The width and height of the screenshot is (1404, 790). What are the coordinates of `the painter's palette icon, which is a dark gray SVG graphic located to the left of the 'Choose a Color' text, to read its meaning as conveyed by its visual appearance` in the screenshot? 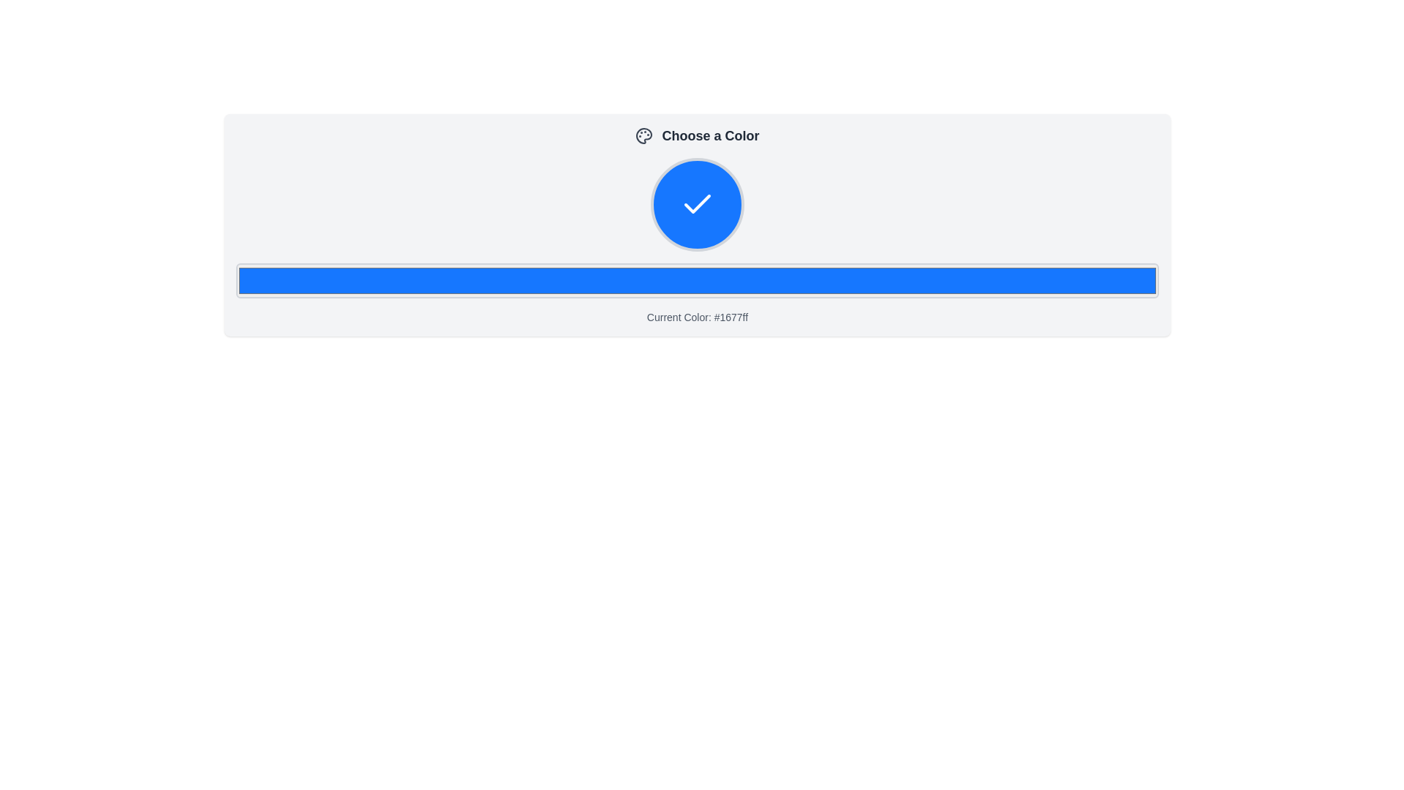 It's located at (643, 135).